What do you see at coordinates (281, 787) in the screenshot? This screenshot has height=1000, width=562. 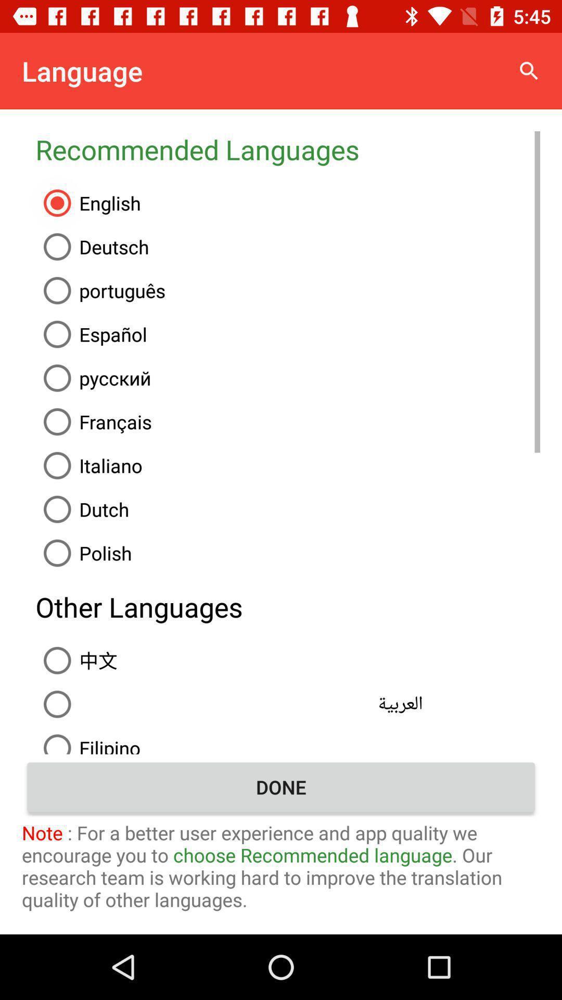 I see `the item above the note for a item` at bounding box center [281, 787].